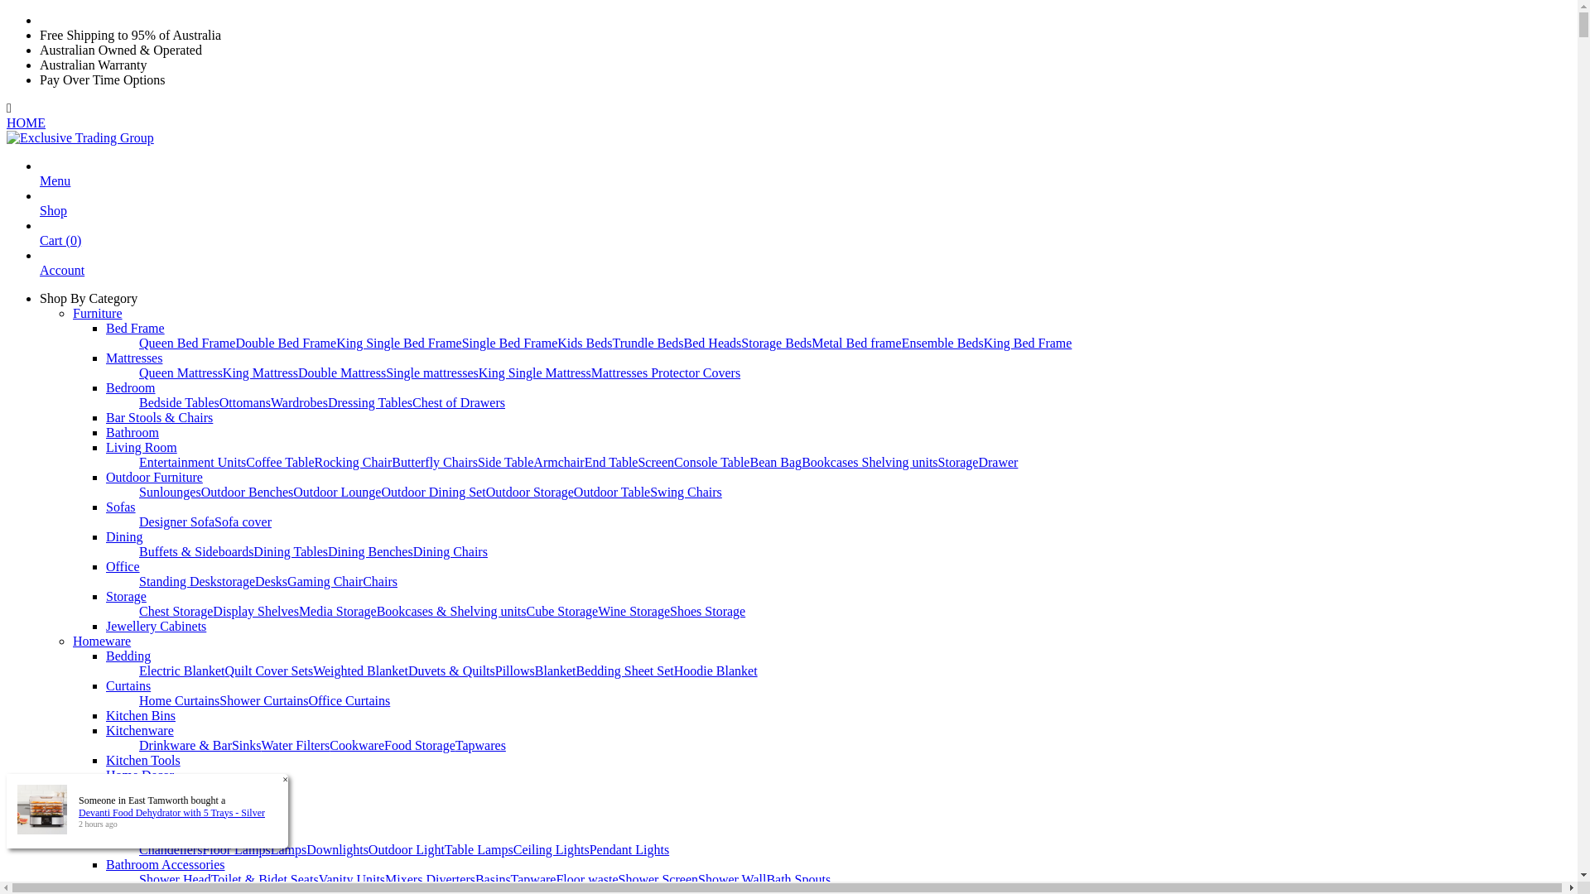  Describe the element at coordinates (432, 372) in the screenshot. I see `'Single mattresses'` at that location.